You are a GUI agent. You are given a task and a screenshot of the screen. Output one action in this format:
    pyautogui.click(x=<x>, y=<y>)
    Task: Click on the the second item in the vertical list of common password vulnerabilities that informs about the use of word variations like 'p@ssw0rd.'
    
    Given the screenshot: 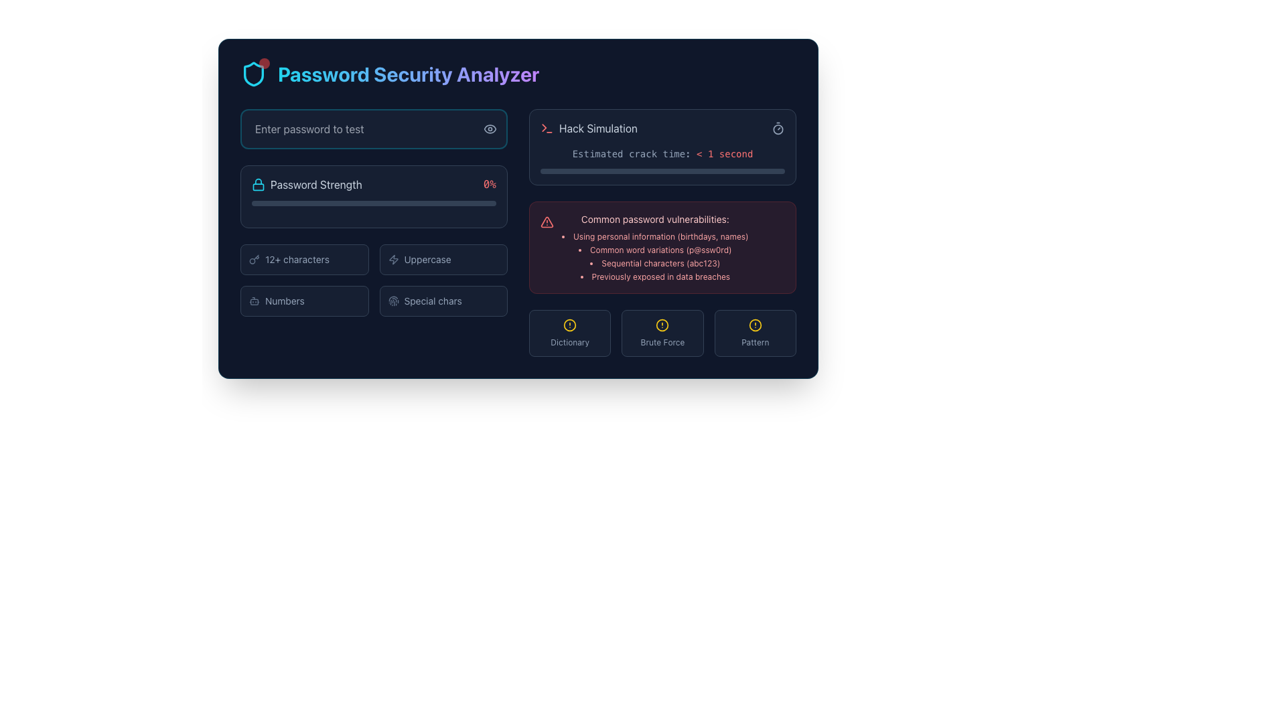 What is the action you would take?
    pyautogui.click(x=655, y=250)
    